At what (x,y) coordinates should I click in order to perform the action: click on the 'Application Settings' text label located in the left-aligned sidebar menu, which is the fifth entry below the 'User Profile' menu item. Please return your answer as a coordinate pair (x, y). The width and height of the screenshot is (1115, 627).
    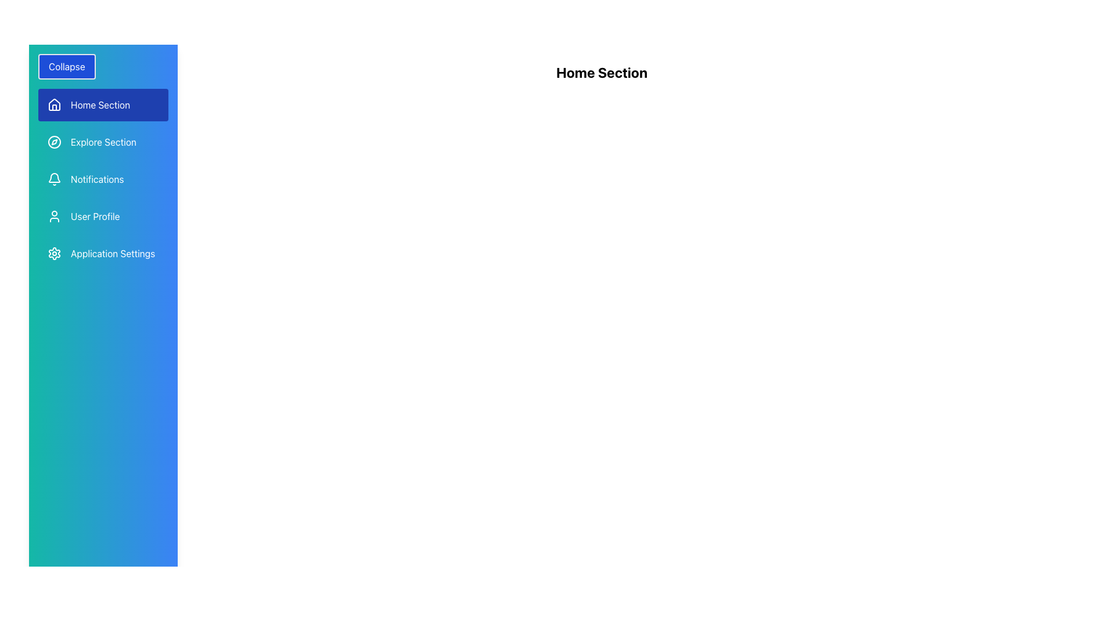
    Looking at the image, I should click on (113, 253).